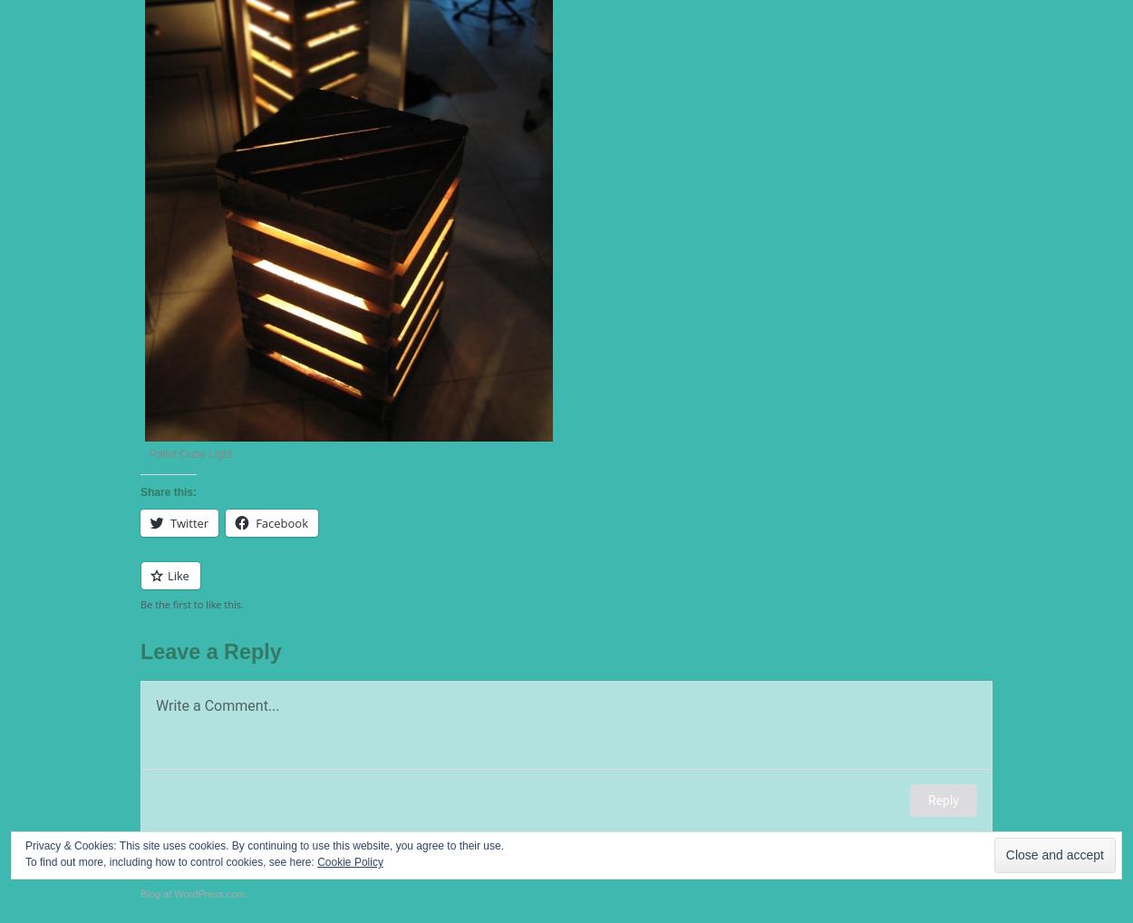  Describe the element at coordinates (193, 894) in the screenshot. I see `'Blog at WordPress.com.'` at that location.